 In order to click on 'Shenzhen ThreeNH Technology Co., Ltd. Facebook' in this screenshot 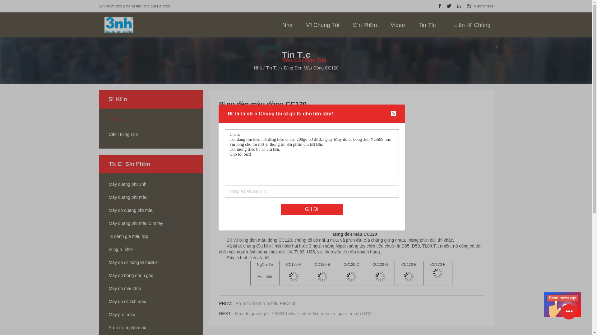, I will do `click(439, 6)`.